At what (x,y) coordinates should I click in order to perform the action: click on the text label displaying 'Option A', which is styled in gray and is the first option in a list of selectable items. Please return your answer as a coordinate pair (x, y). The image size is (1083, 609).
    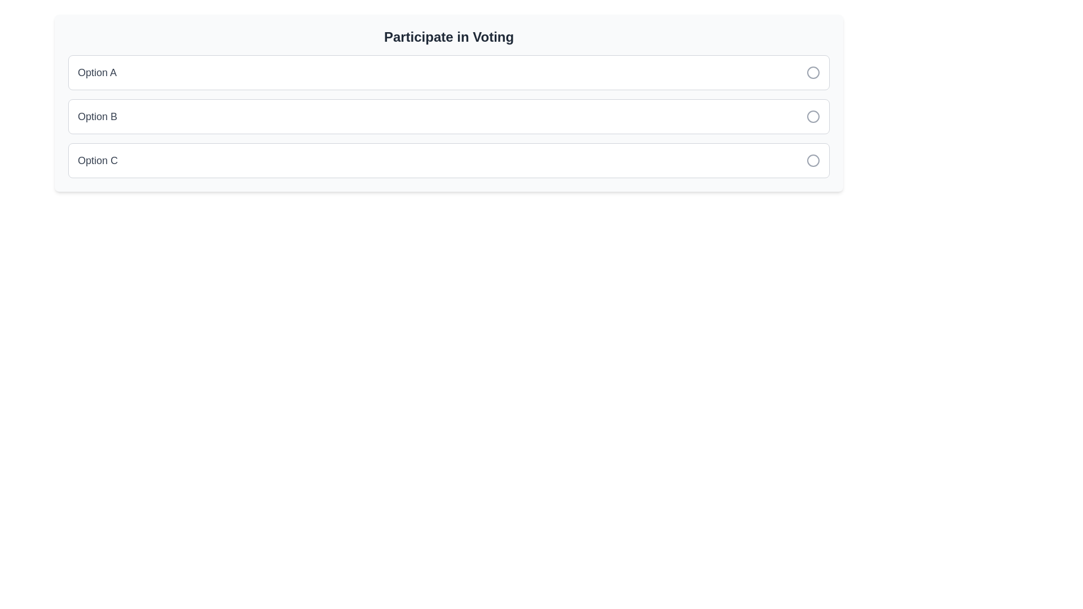
    Looking at the image, I should click on (97, 72).